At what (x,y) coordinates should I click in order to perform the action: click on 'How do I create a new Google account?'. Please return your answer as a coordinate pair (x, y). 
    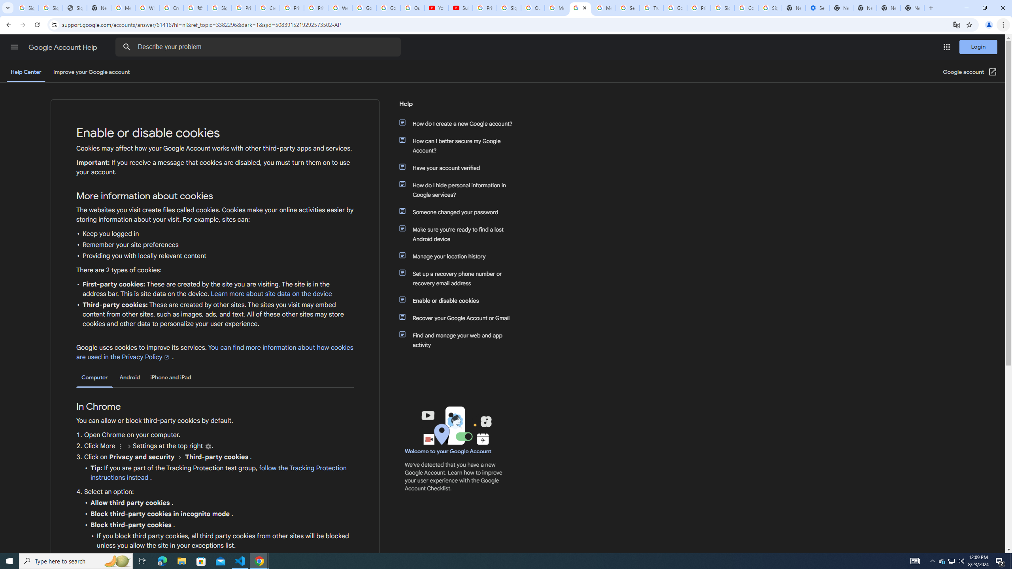
    Looking at the image, I should click on (459, 124).